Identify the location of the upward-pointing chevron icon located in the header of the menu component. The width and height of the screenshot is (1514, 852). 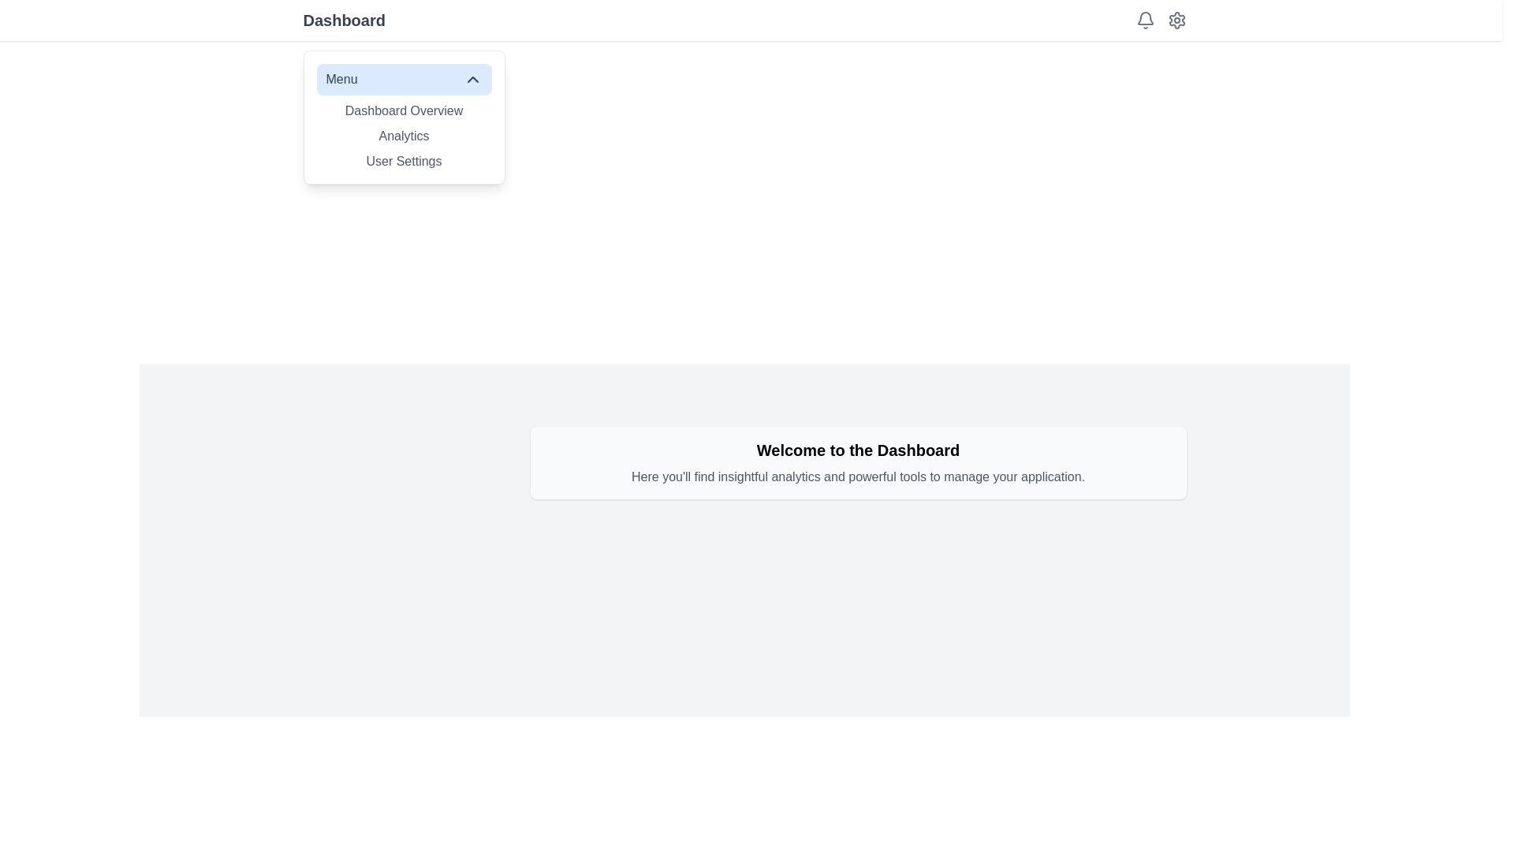
(472, 79).